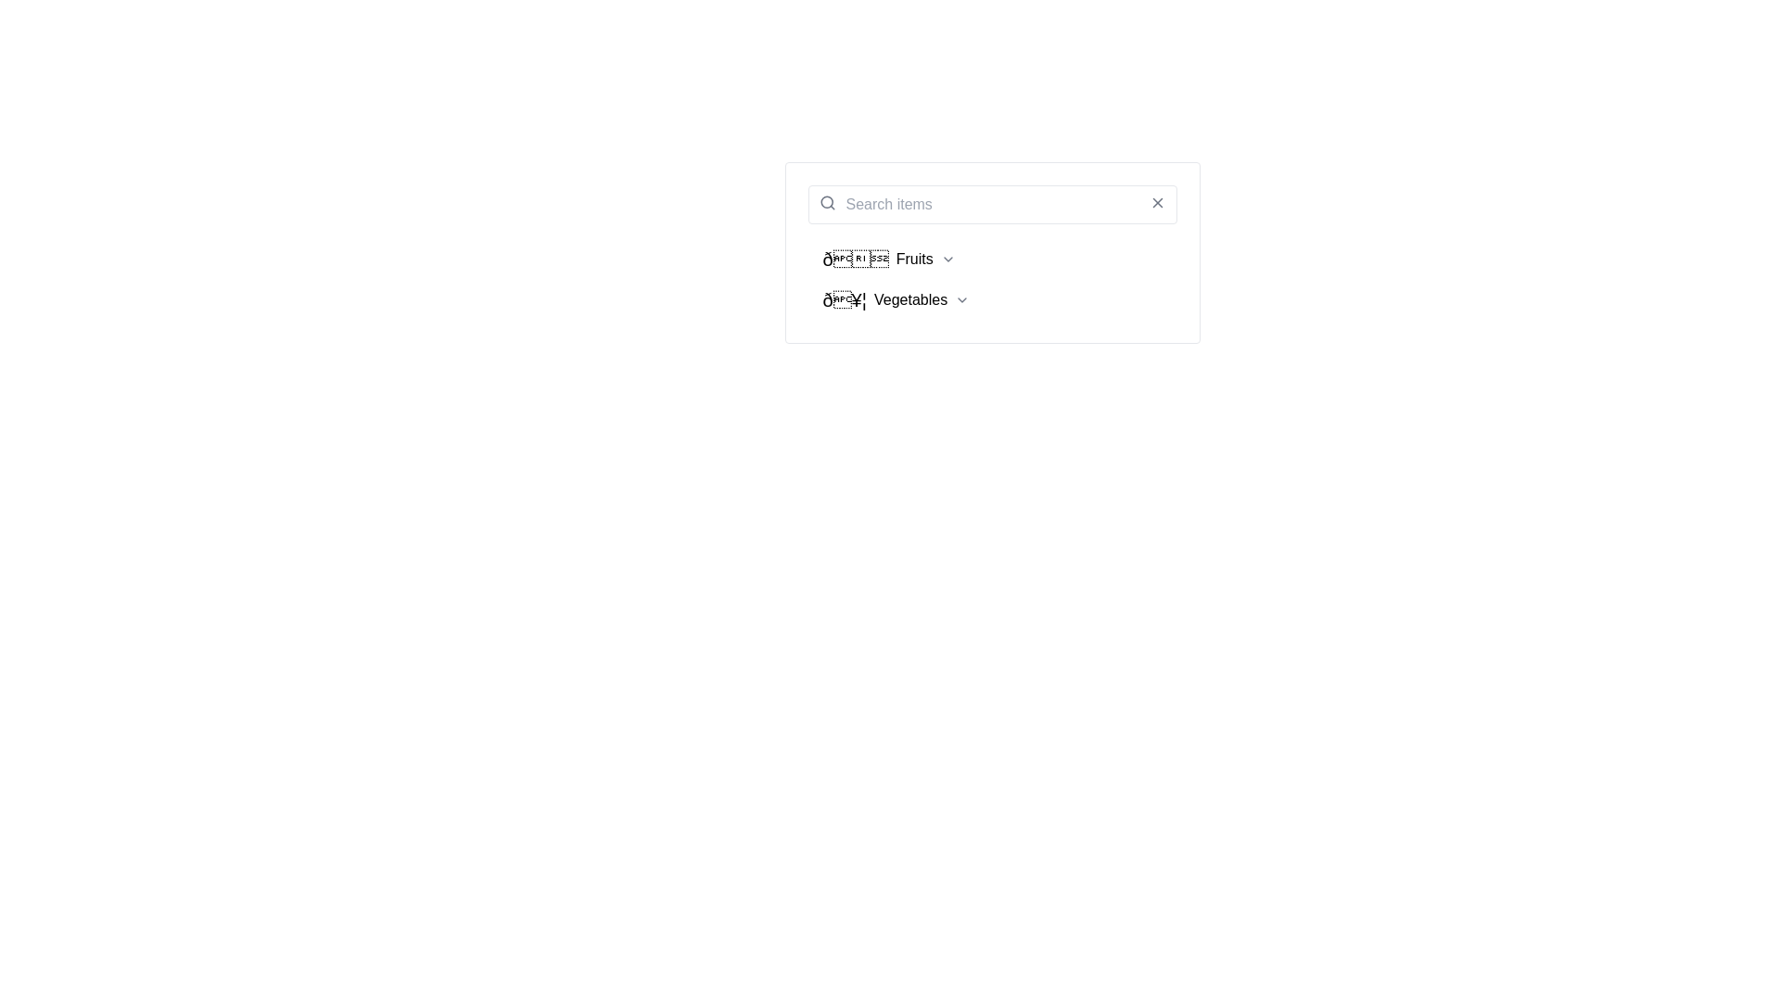 The height and width of the screenshot is (1001, 1780). I want to click on the search icon, which serves as a visual indicator for the search functionality and is positioned to the left of the search input field, so click(826, 203).